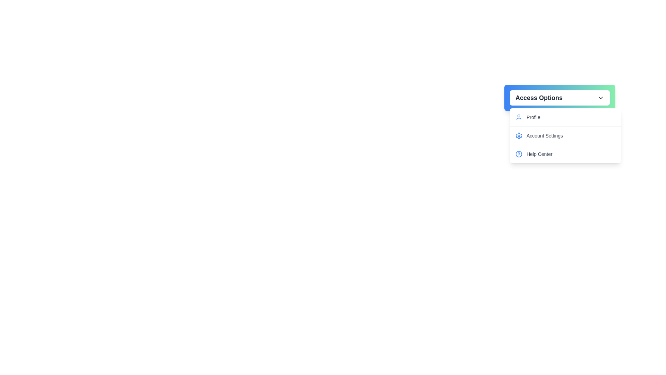 Image resolution: width=666 pixels, height=375 pixels. What do you see at coordinates (544, 135) in the screenshot?
I see `the 'Account Settings' label within the dropdown menu, which is positioned below 'Profile' and above 'Help Center'` at bounding box center [544, 135].